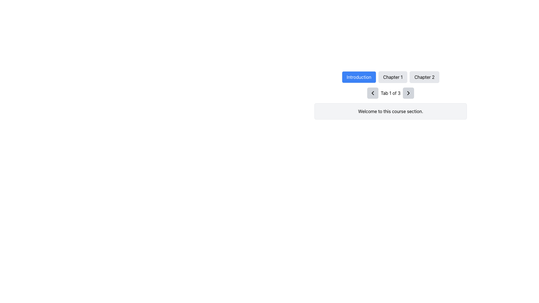 The width and height of the screenshot is (539, 303). What do you see at coordinates (358, 77) in the screenshot?
I see `the 'Introduction' button located in the top-right section of the interface` at bounding box center [358, 77].